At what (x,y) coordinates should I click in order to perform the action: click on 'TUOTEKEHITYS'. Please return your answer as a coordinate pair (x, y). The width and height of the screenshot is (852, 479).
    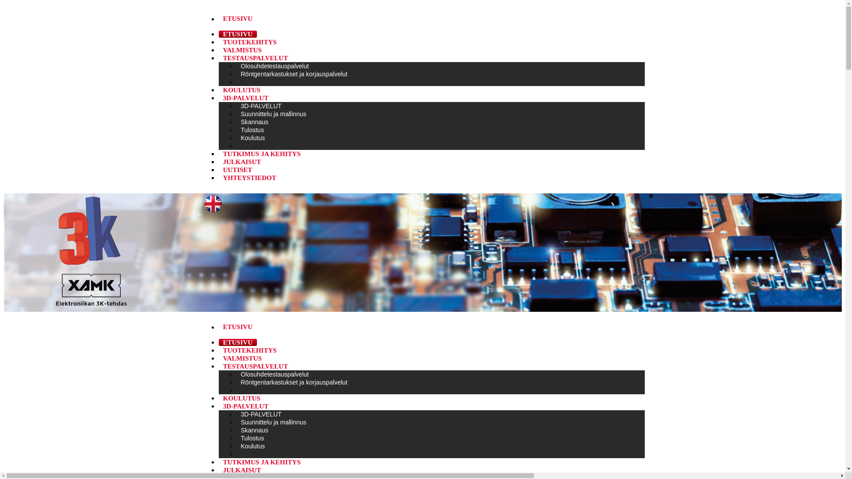
    Looking at the image, I should click on (249, 42).